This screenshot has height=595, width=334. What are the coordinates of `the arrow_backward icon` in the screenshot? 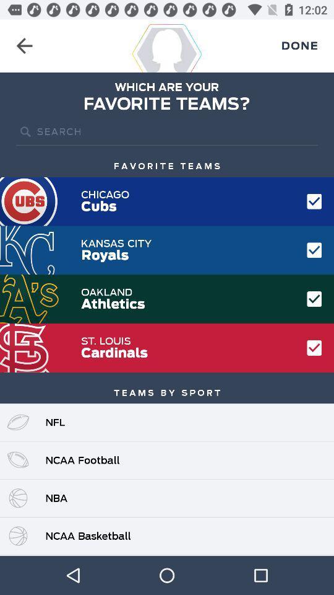 It's located at (24, 46).